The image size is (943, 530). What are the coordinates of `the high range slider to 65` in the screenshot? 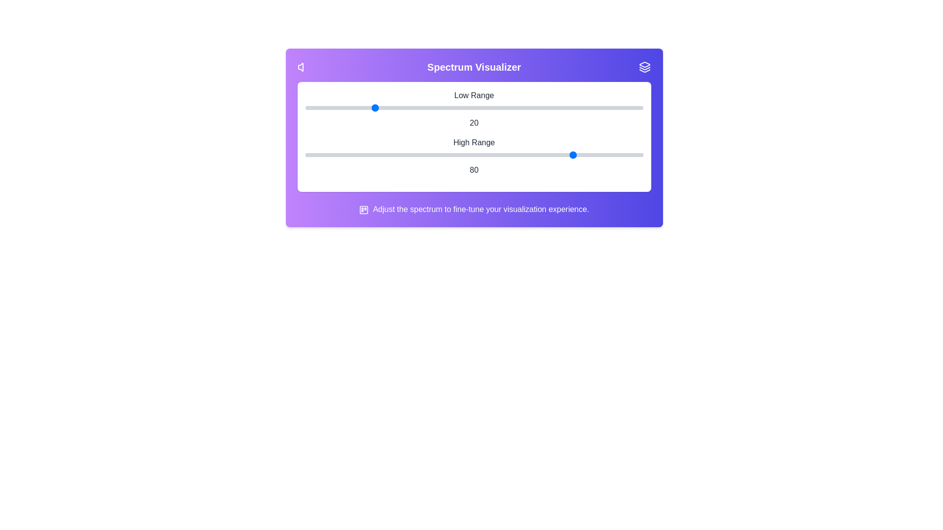 It's located at (524, 155).